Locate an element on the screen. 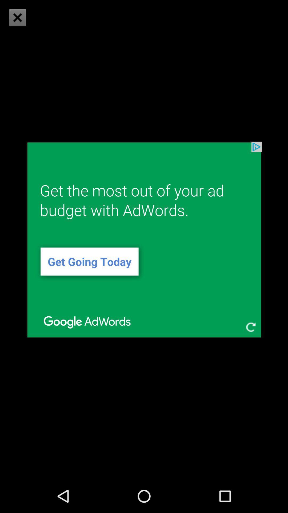 The height and width of the screenshot is (513, 288). the close icon is located at coordinates (17, 19).